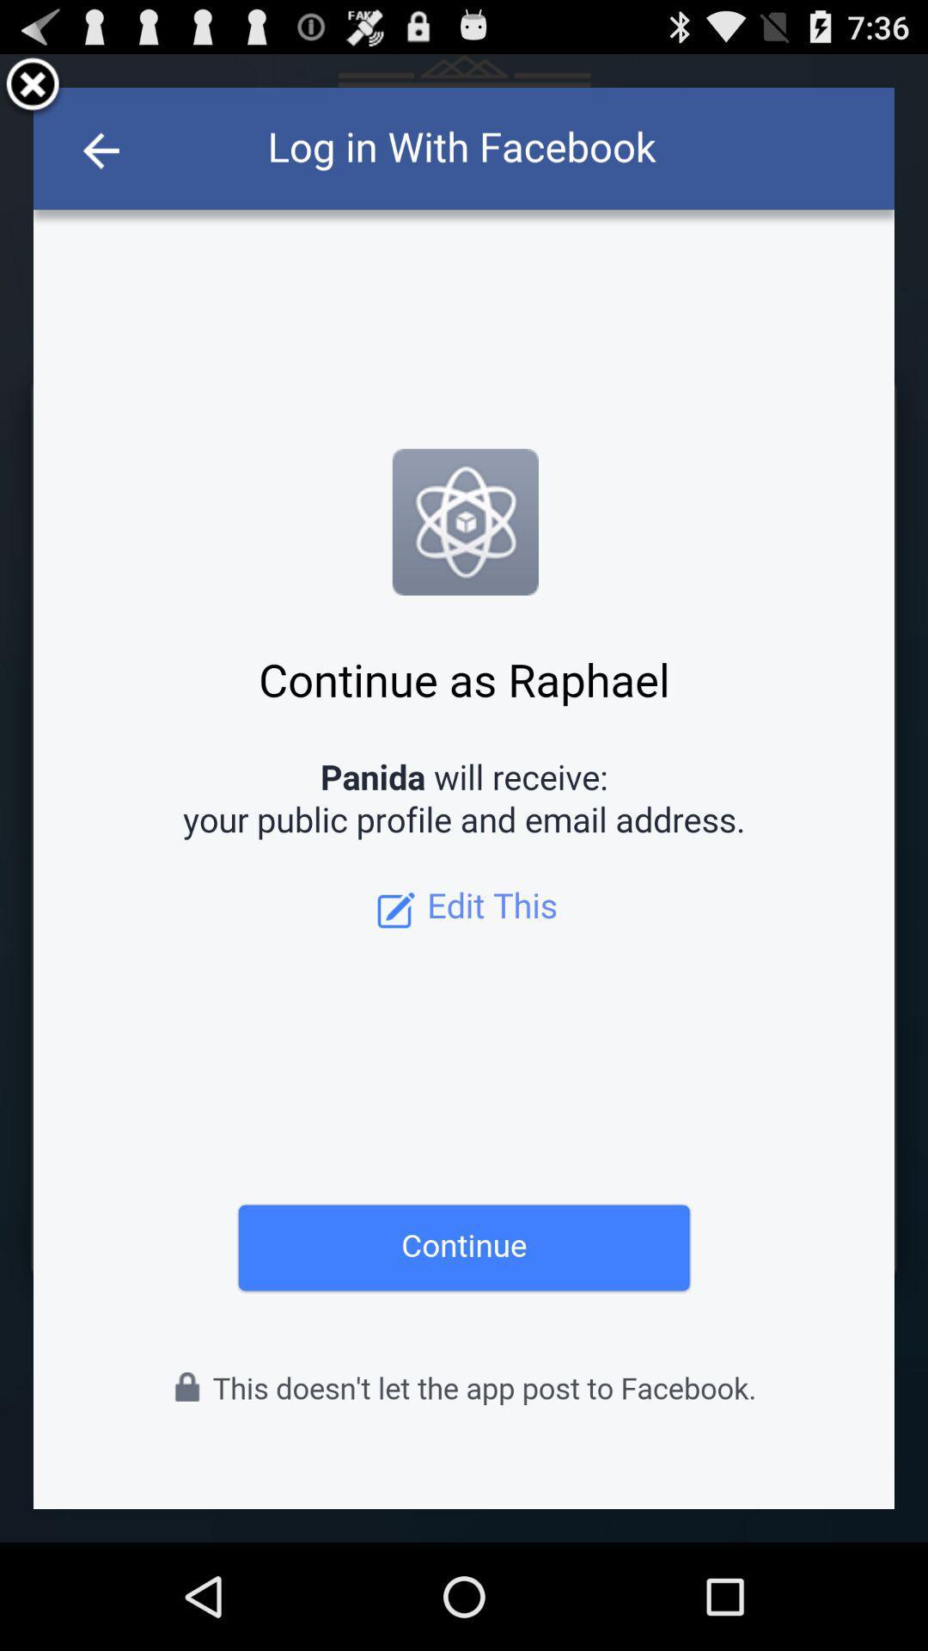 The height and width of the screenshot is (1651, 928). Describe the element at coordinates (33, 86) in the screenshot. I see `exit screen` at that location.